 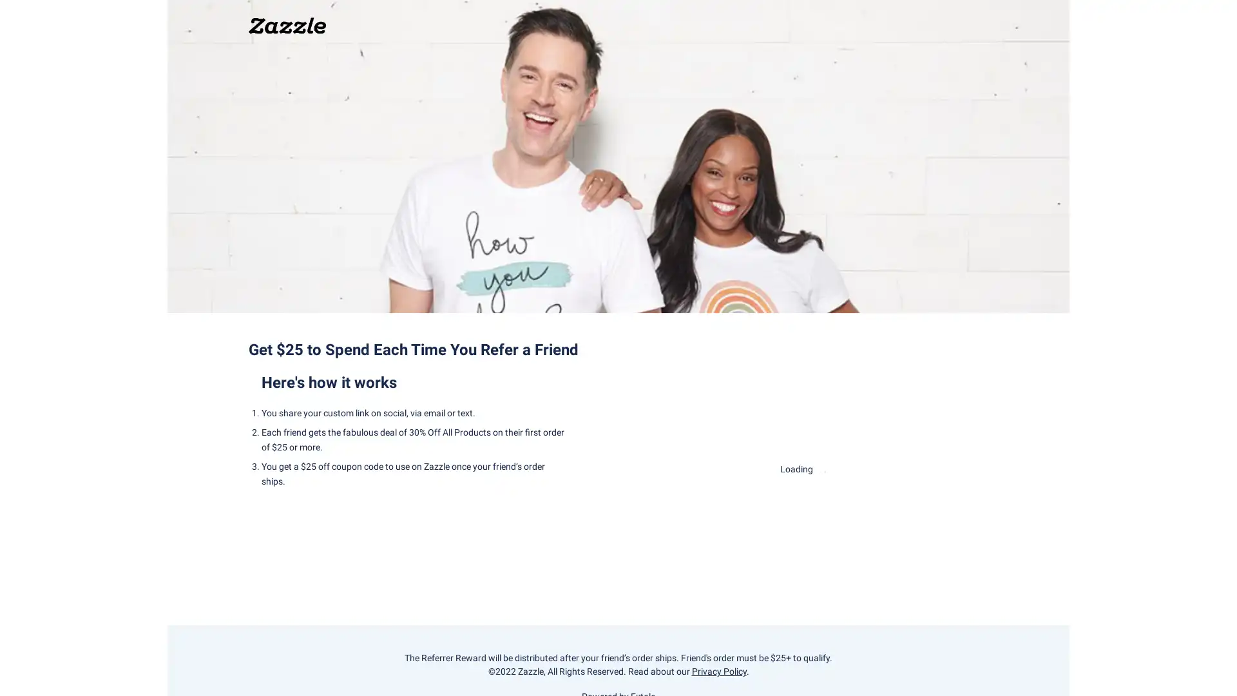 I want to click on Enter, so click(x=803, y=508).